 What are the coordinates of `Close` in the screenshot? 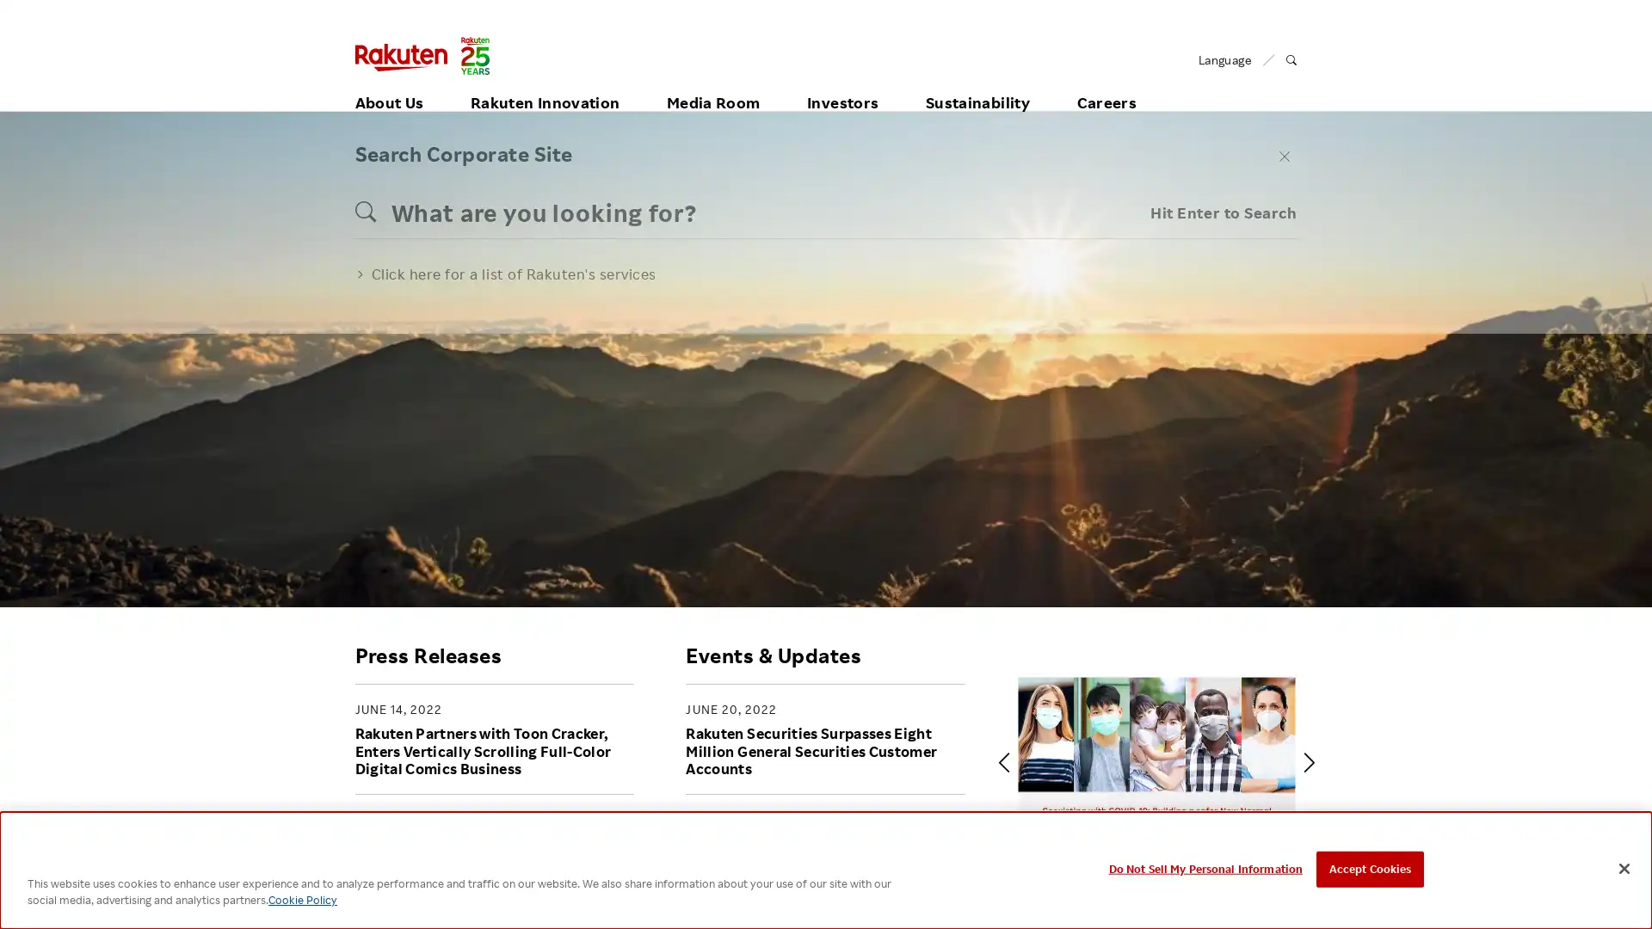 It's located at (1623, 868).